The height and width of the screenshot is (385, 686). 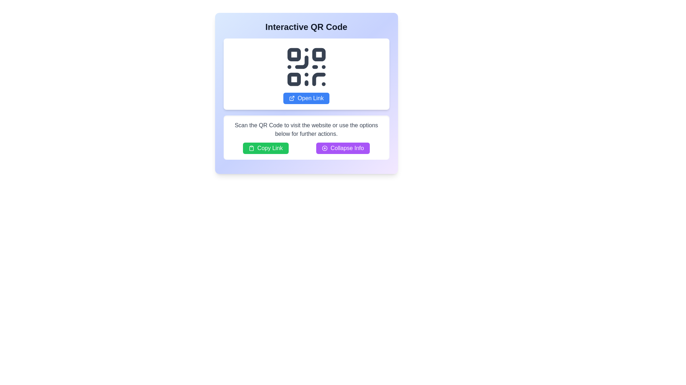 What do you see at coordinates (252, 148) in the screenshot?
I see `the clipboard icon, which is styled with a light stroke and located near the QR code section in the user interface` at bounding box center [252, 148].